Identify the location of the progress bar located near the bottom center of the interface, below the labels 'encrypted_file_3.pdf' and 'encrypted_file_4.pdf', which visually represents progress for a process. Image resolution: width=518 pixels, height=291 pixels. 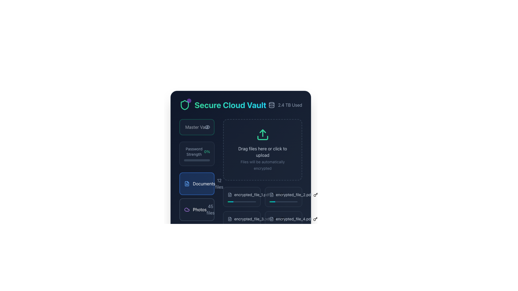
(281, 226).